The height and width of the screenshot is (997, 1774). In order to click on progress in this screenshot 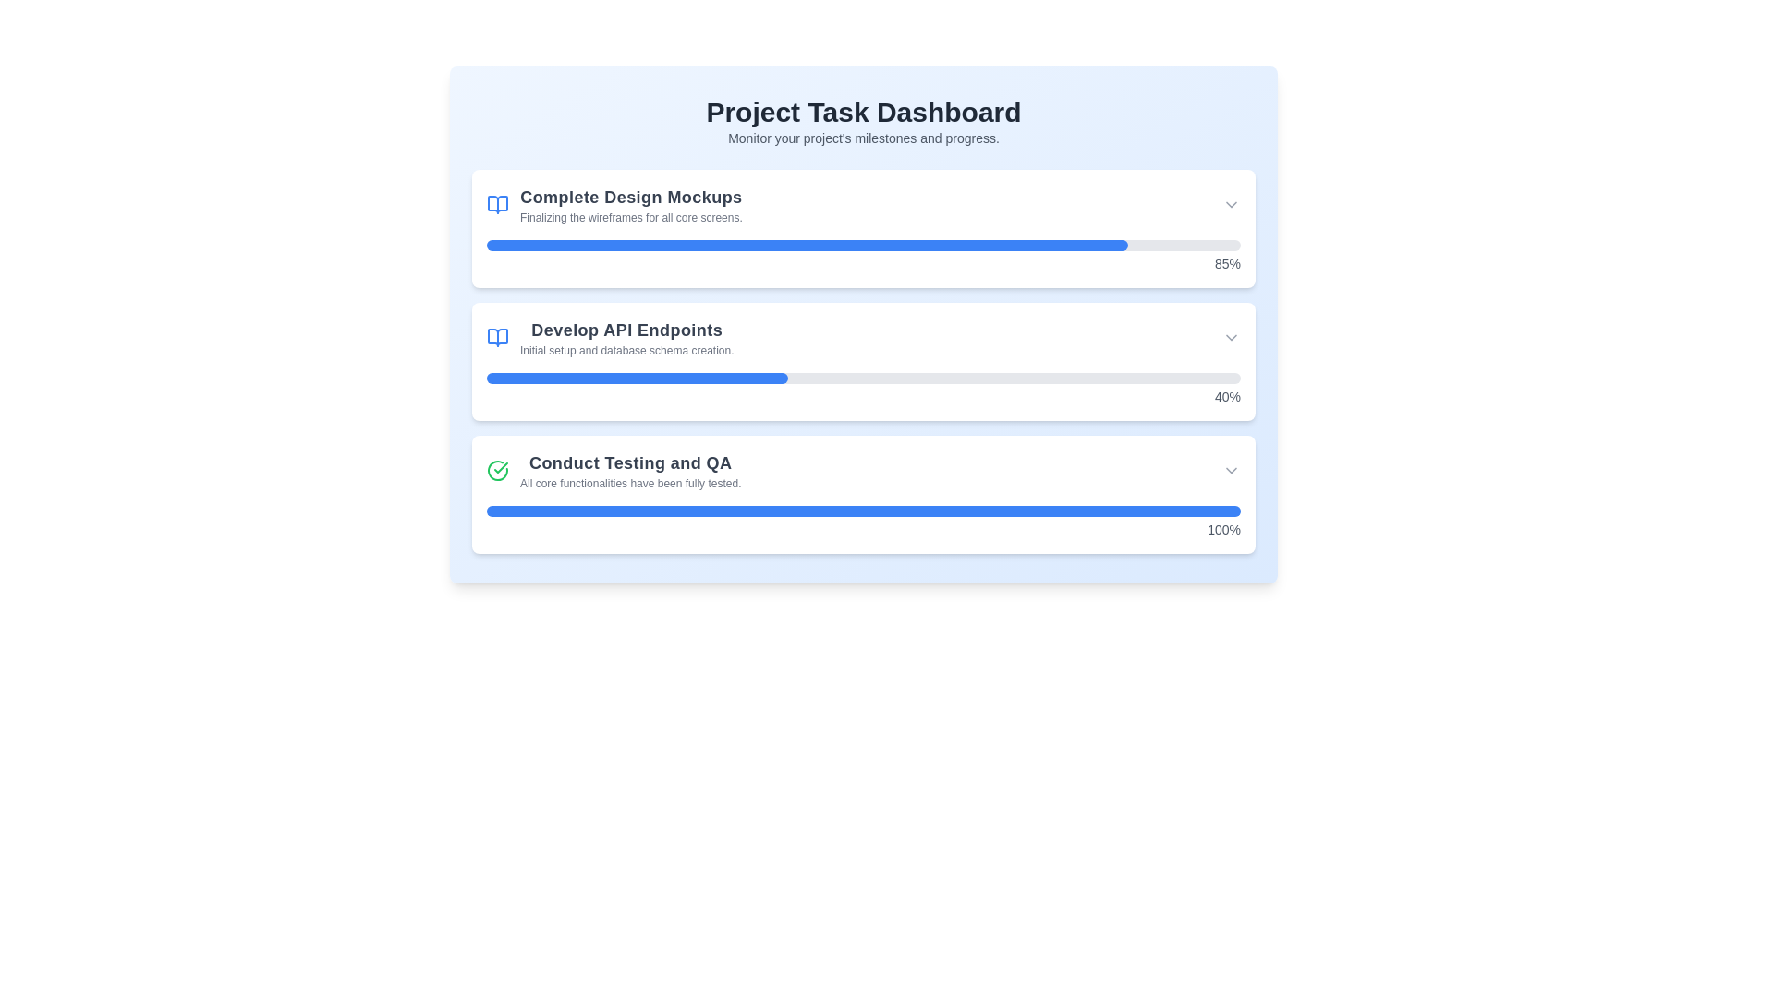, I will do `click(917, 377)`.